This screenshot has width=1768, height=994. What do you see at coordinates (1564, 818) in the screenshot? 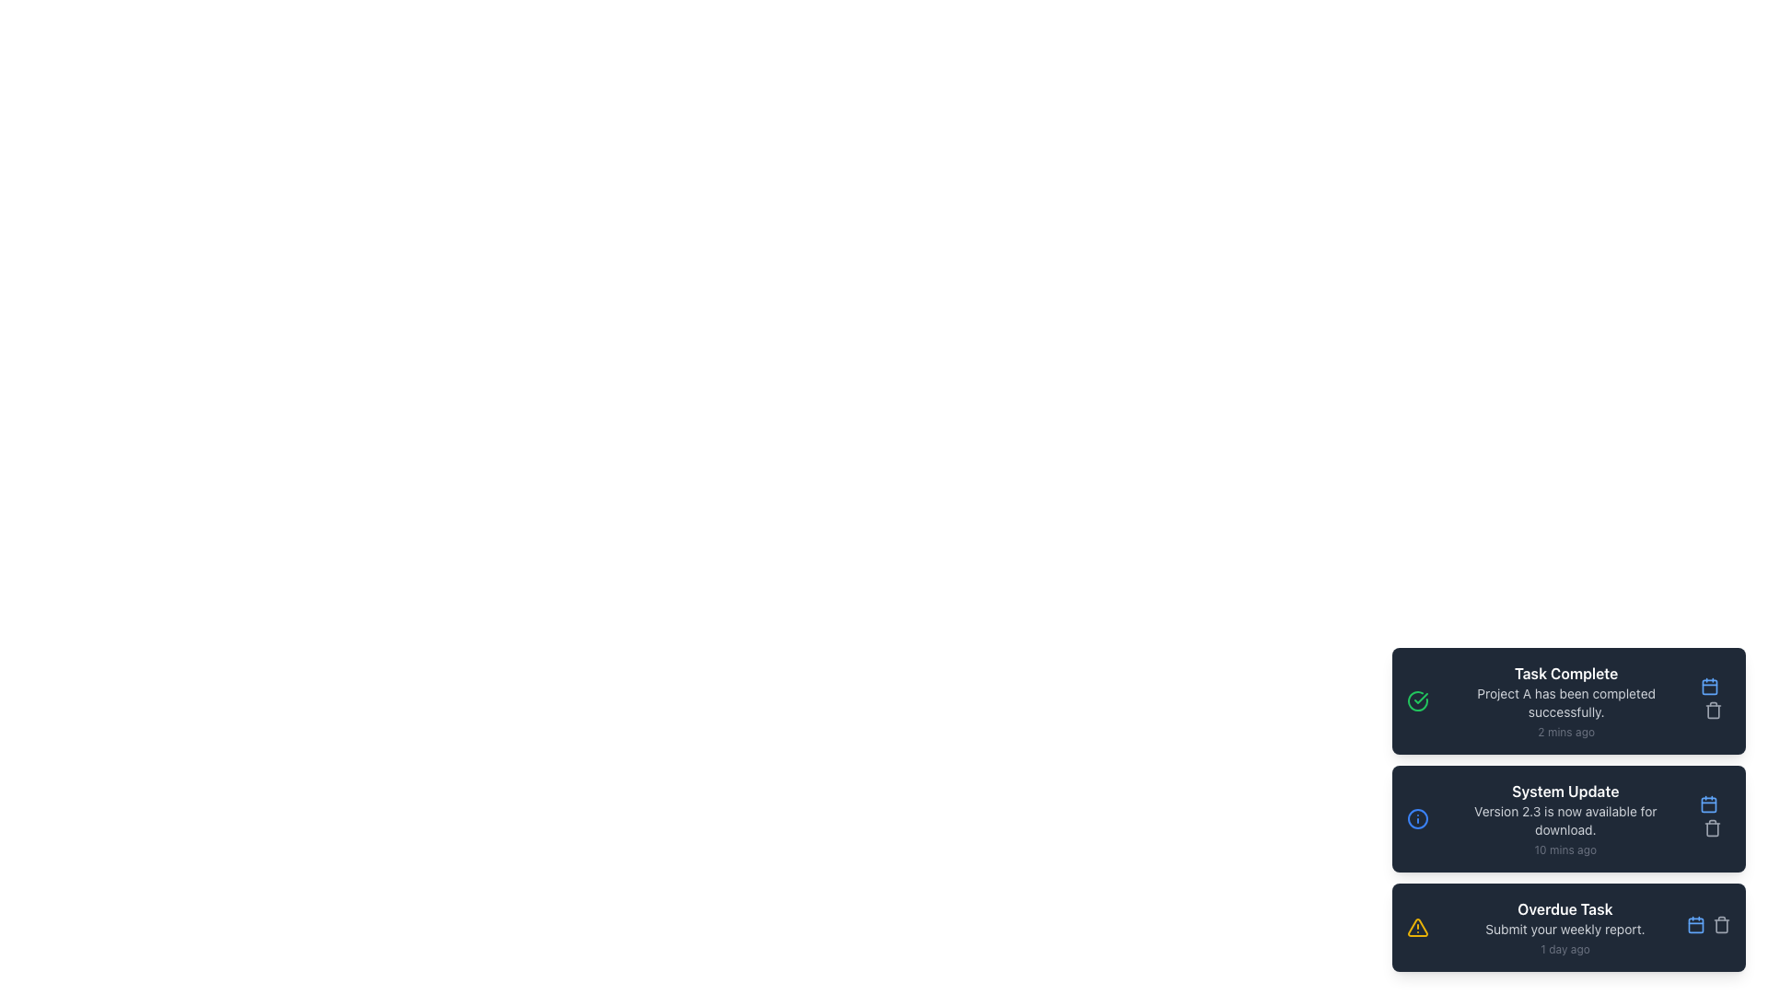
I see `the Text-based notification box that displays 'System Update'` at bounding box center [1564, 818].